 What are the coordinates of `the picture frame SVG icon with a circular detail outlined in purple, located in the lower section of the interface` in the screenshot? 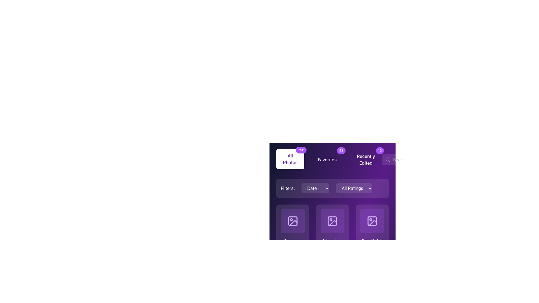 It's located at (332, 221).